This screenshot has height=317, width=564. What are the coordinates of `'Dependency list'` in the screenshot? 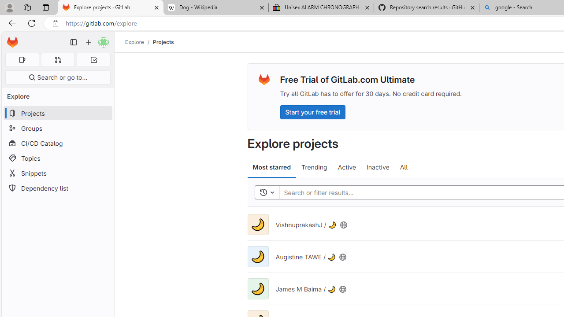 It's located at (57, 188).